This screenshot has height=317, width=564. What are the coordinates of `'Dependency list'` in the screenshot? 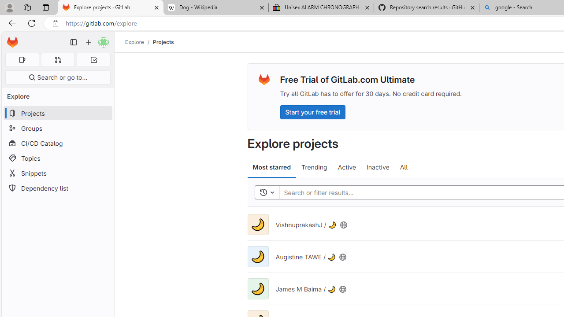 It's located at (57, 188).